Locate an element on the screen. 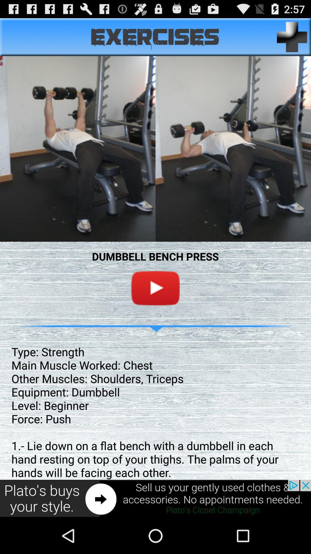 The width and height of the screenshot is (311, 554). advertisement banner is located at coordinates (155, 498).